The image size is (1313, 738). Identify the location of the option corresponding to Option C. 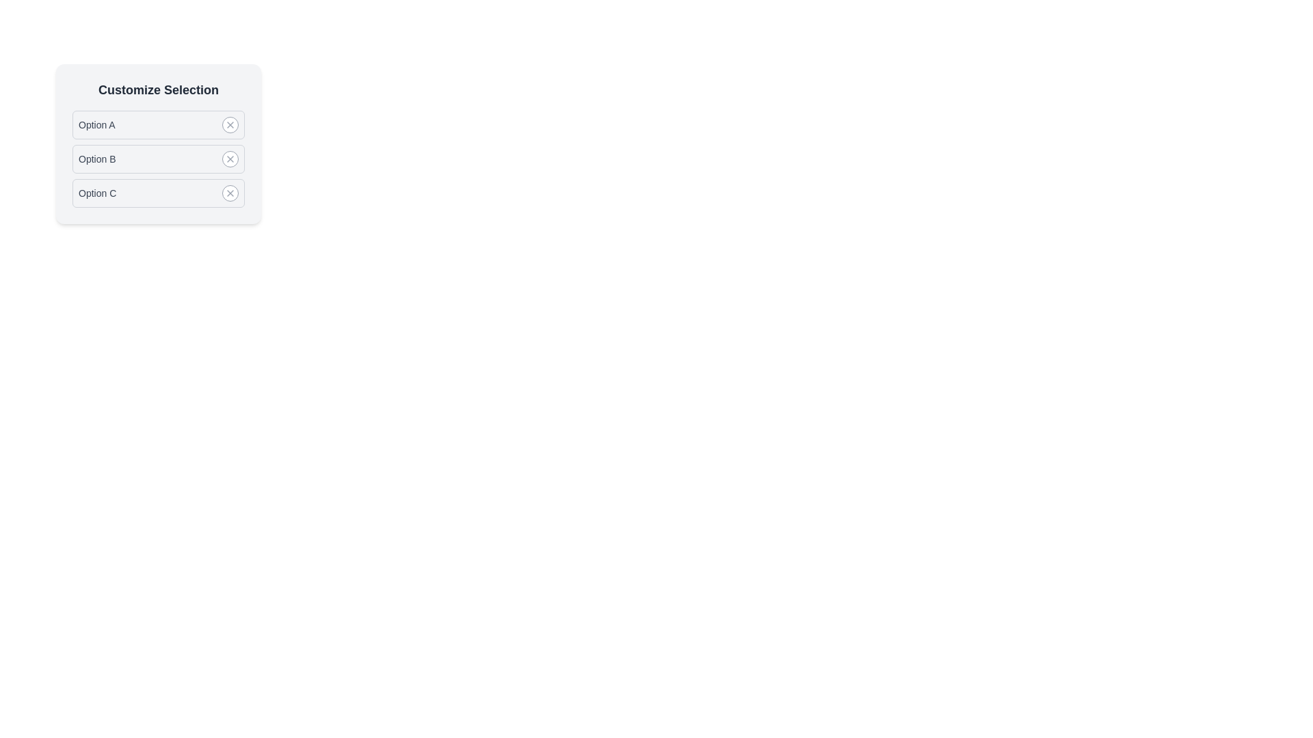
(230, 193).